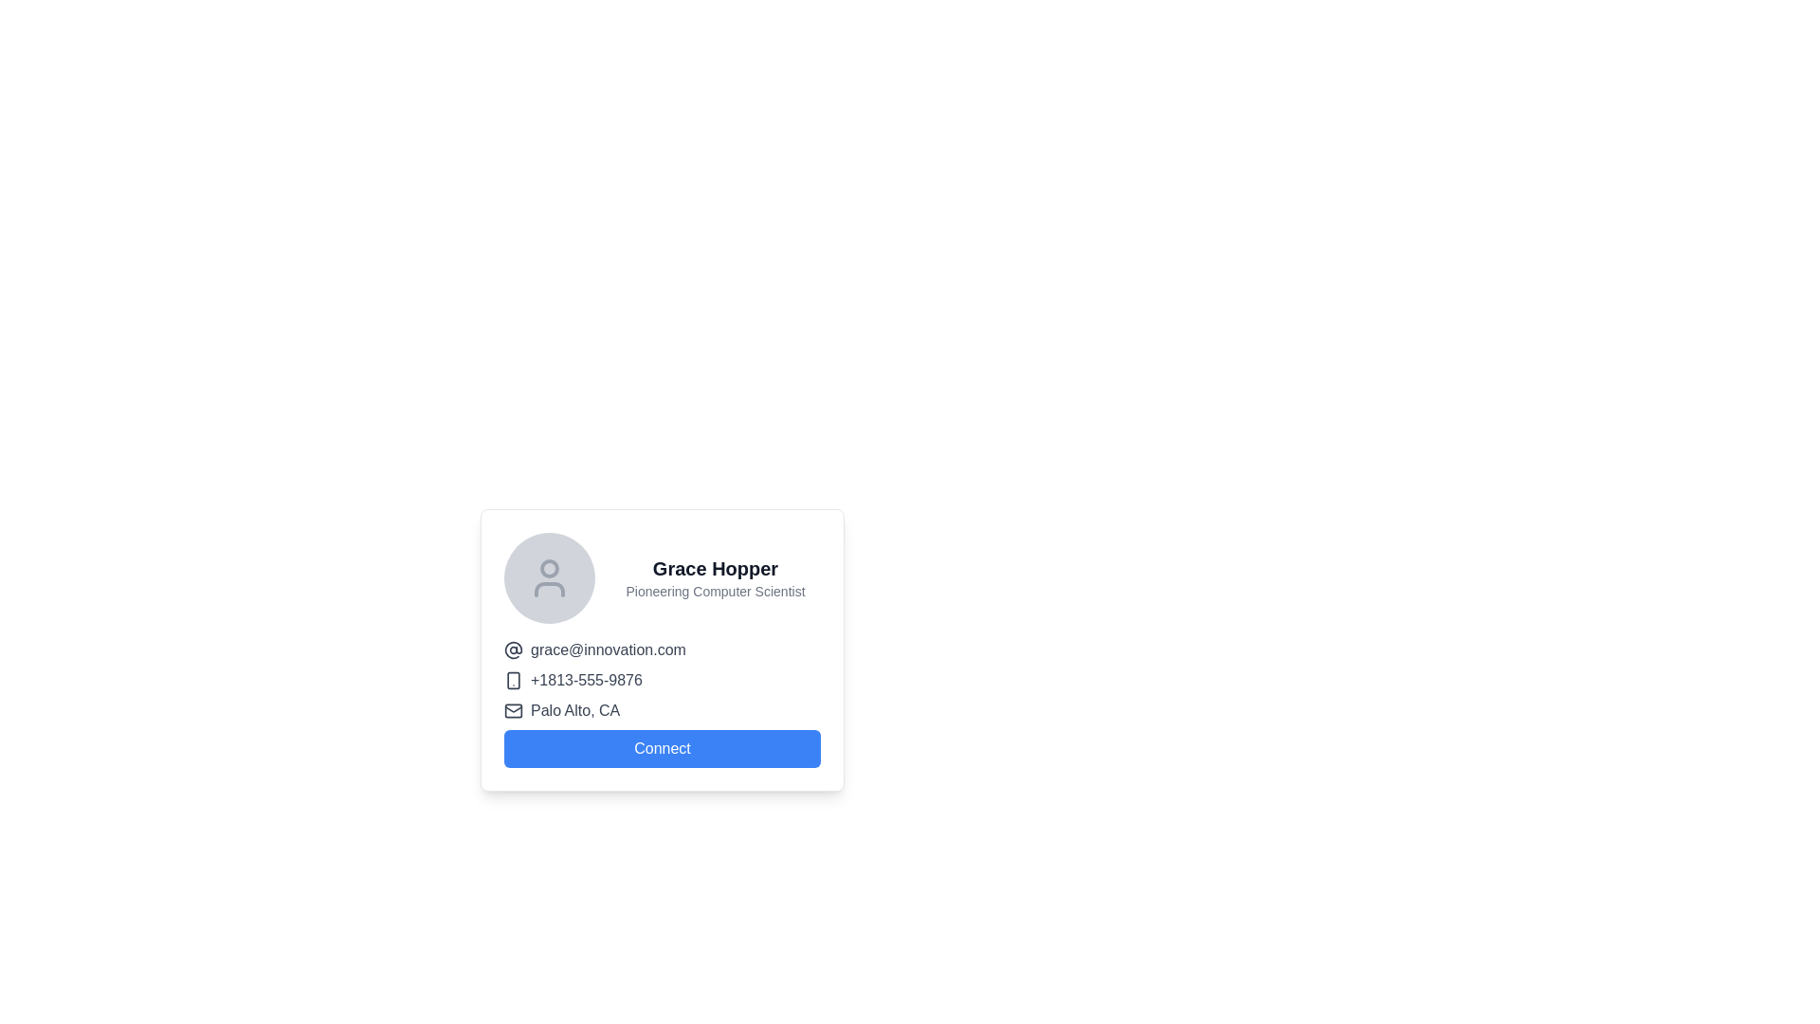 Image resolution: width=1820 pixels, height=1024 pixels. What do you see at coordinates (663, 576) in the screenshot?
I see `the text block containing the identifying information of 'Grace Hopper', which is positioned at the top of the profile card` at bounding box center [663, 576].